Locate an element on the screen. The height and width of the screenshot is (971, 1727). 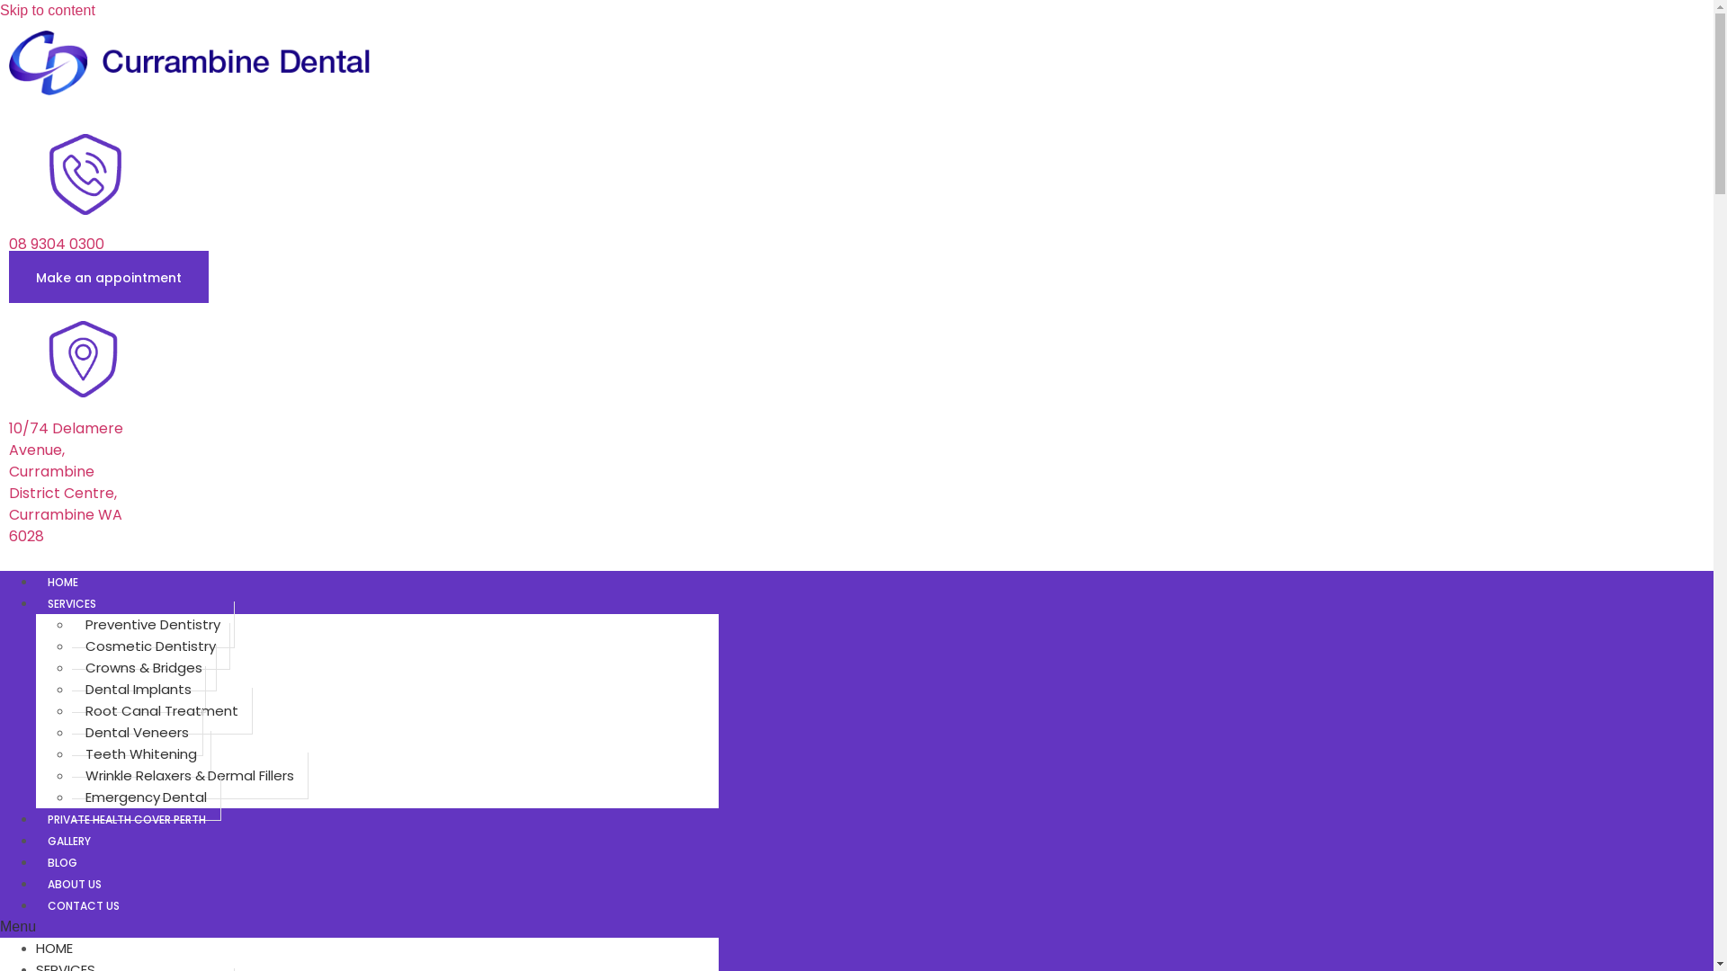
'Skip to content' is located at coordinates (47, 10).